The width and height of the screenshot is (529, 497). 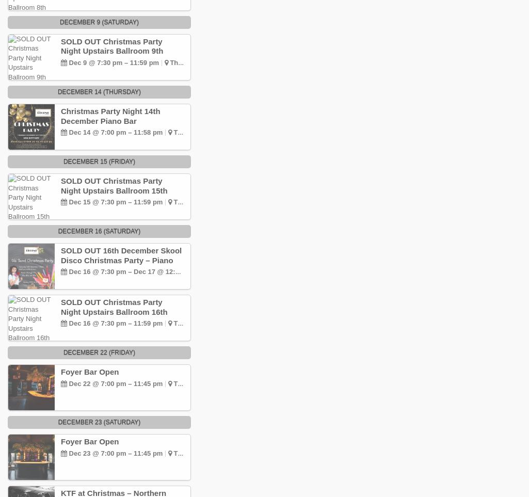 I want to click on 'December 22 (Friday)', so click(x=99, y=352).